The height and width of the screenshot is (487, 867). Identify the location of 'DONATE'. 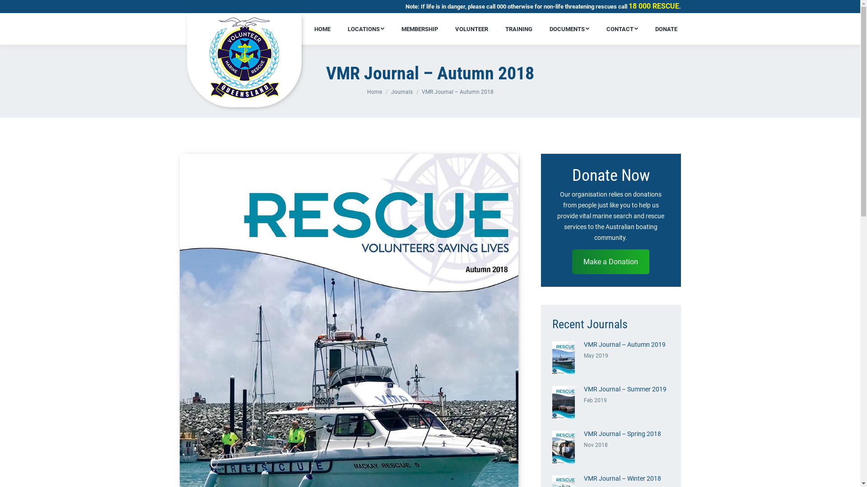
(666, 28).